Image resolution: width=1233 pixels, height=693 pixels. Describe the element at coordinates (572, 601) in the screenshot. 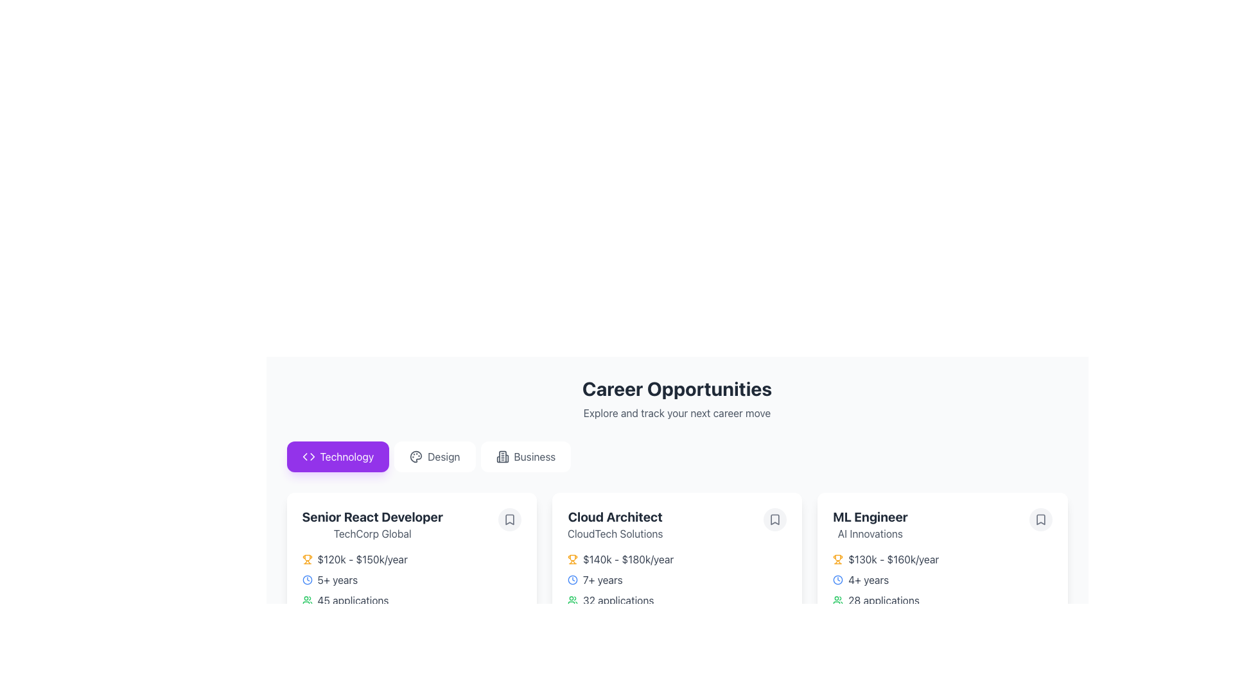

I see `the leftmost icon representing '32 applications' to interact with it` at that location.